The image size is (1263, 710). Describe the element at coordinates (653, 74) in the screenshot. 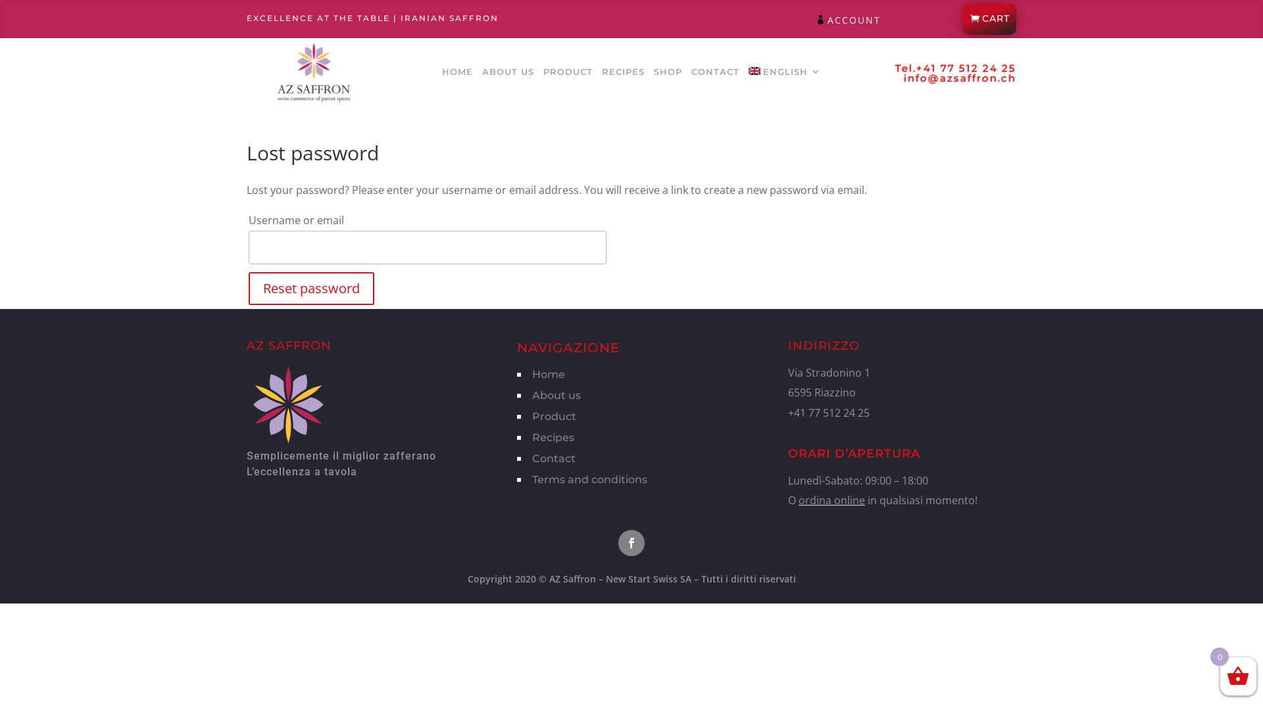

I see `'SHOP'` at that location.